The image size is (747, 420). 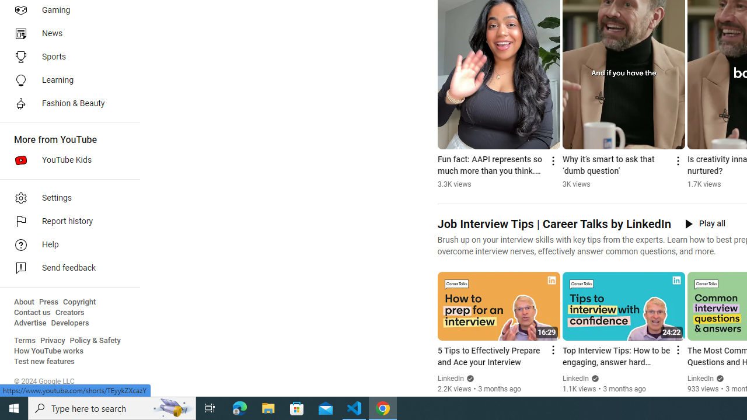 What do you see at coordinates (69, 323) in the screenshot?
I see `'Developers'` at bounding box center [69, 323].